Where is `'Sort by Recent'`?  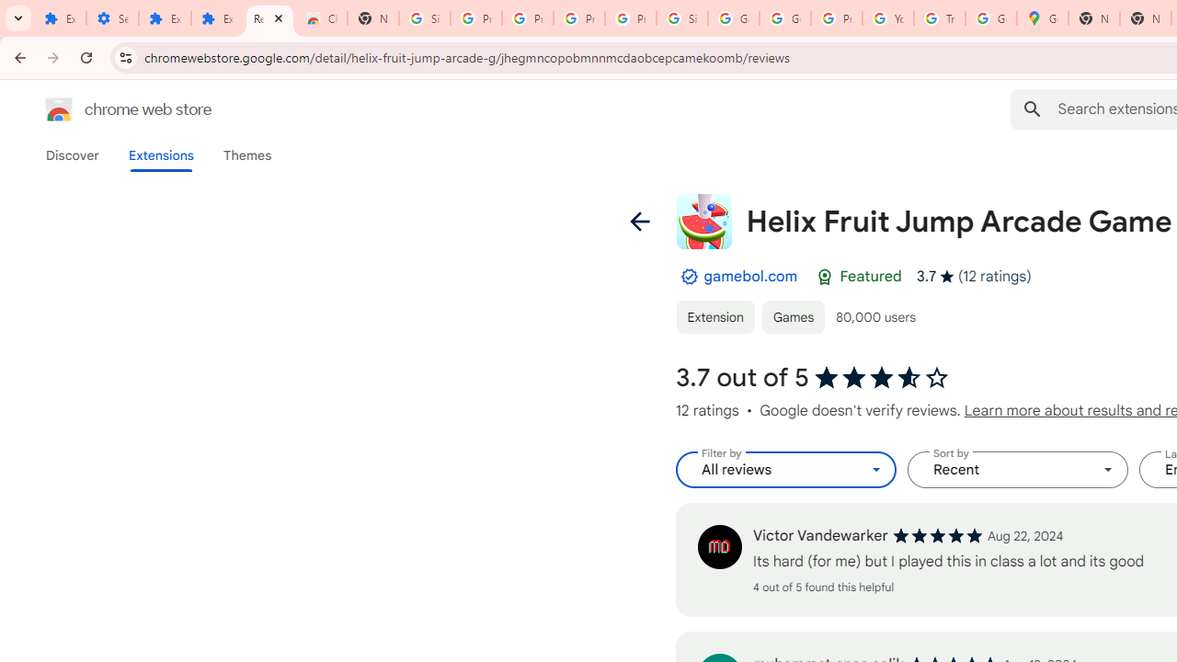
'Sort by Recent' is located at coordinates (1017, 469).